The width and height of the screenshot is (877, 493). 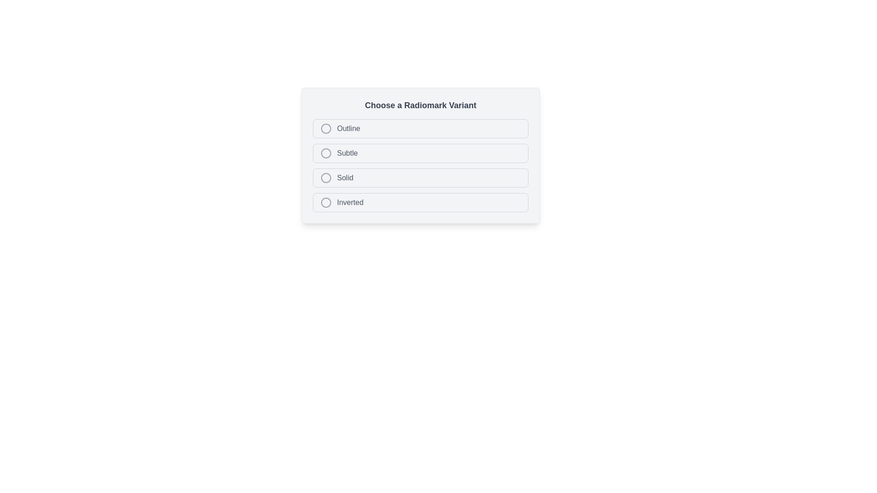 What do you see at coordinates (326, 202) in the screenshot?
I see `the selected radio button for the 'Inverted' option, which is a circular graphical component with a filled center located to the left of the fourth option in a vertical list` at bounding box center [326, 202].